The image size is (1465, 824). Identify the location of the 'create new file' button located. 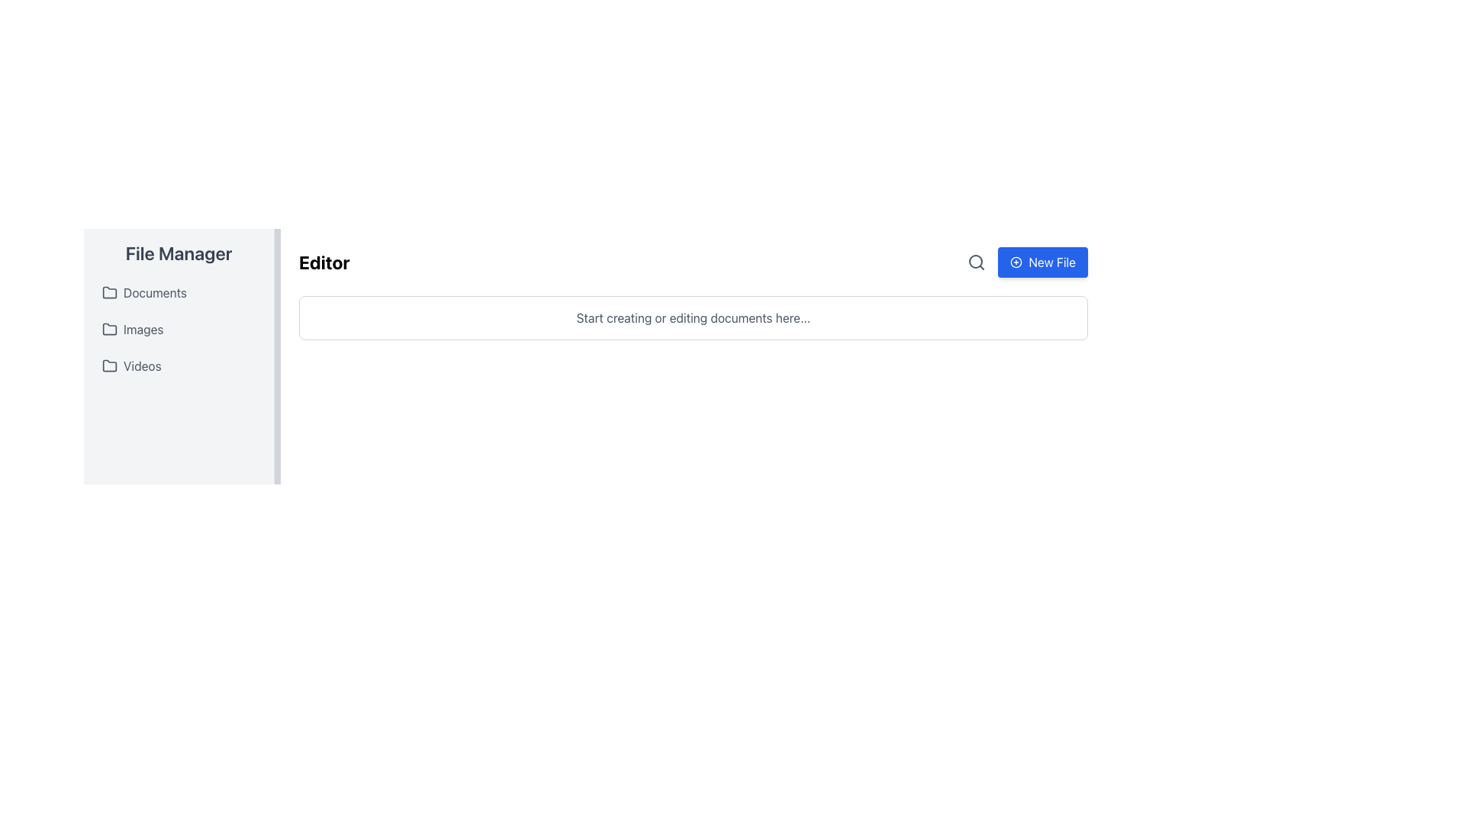
(1042, 261).